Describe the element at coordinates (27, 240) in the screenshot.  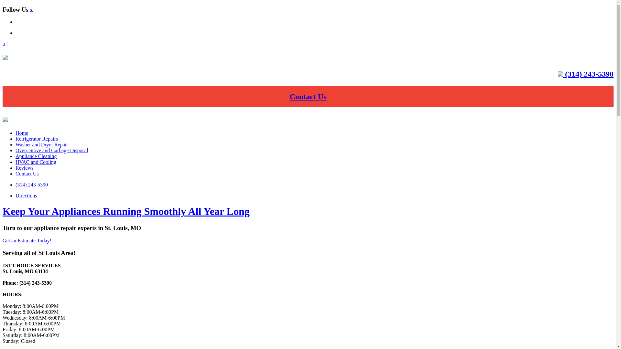
I see `'Get an Estimate Today!'` at that location.